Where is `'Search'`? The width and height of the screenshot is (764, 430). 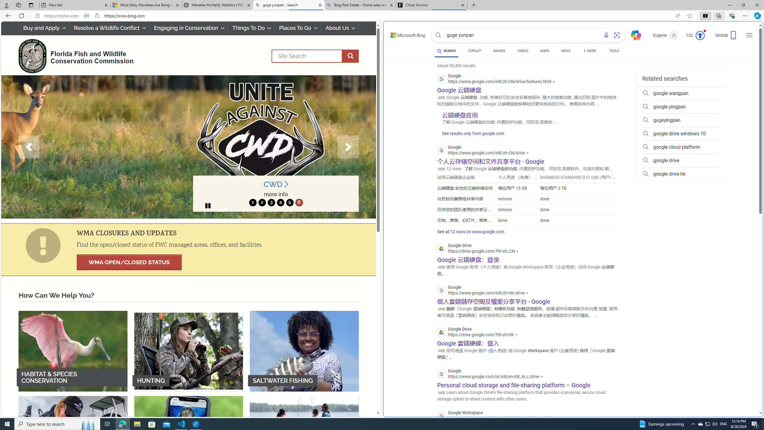
'Search' is located at coordinates (438, 35).